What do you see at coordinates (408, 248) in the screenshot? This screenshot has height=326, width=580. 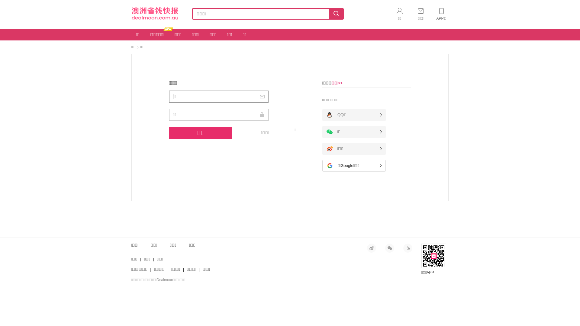 I see `'RSS'` at bounding box center [408, 248].